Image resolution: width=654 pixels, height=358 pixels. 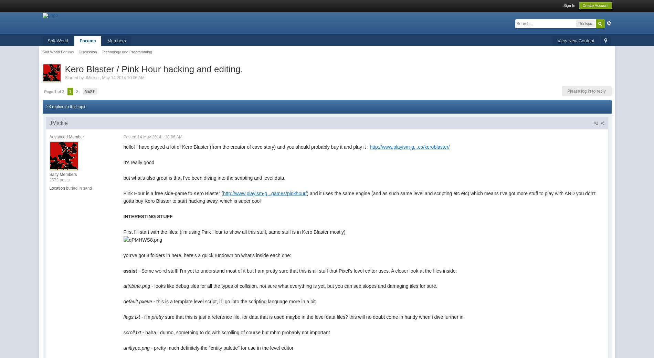 What do you see at coordinates (84, 91) in the screenshot?
I see `'Next'` at bounding box center [84, 91].